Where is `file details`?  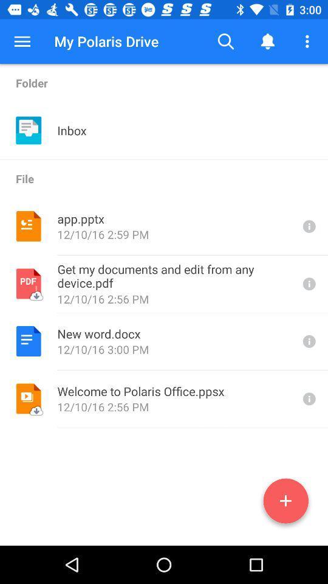
file details is located at coordinates (308, 341).